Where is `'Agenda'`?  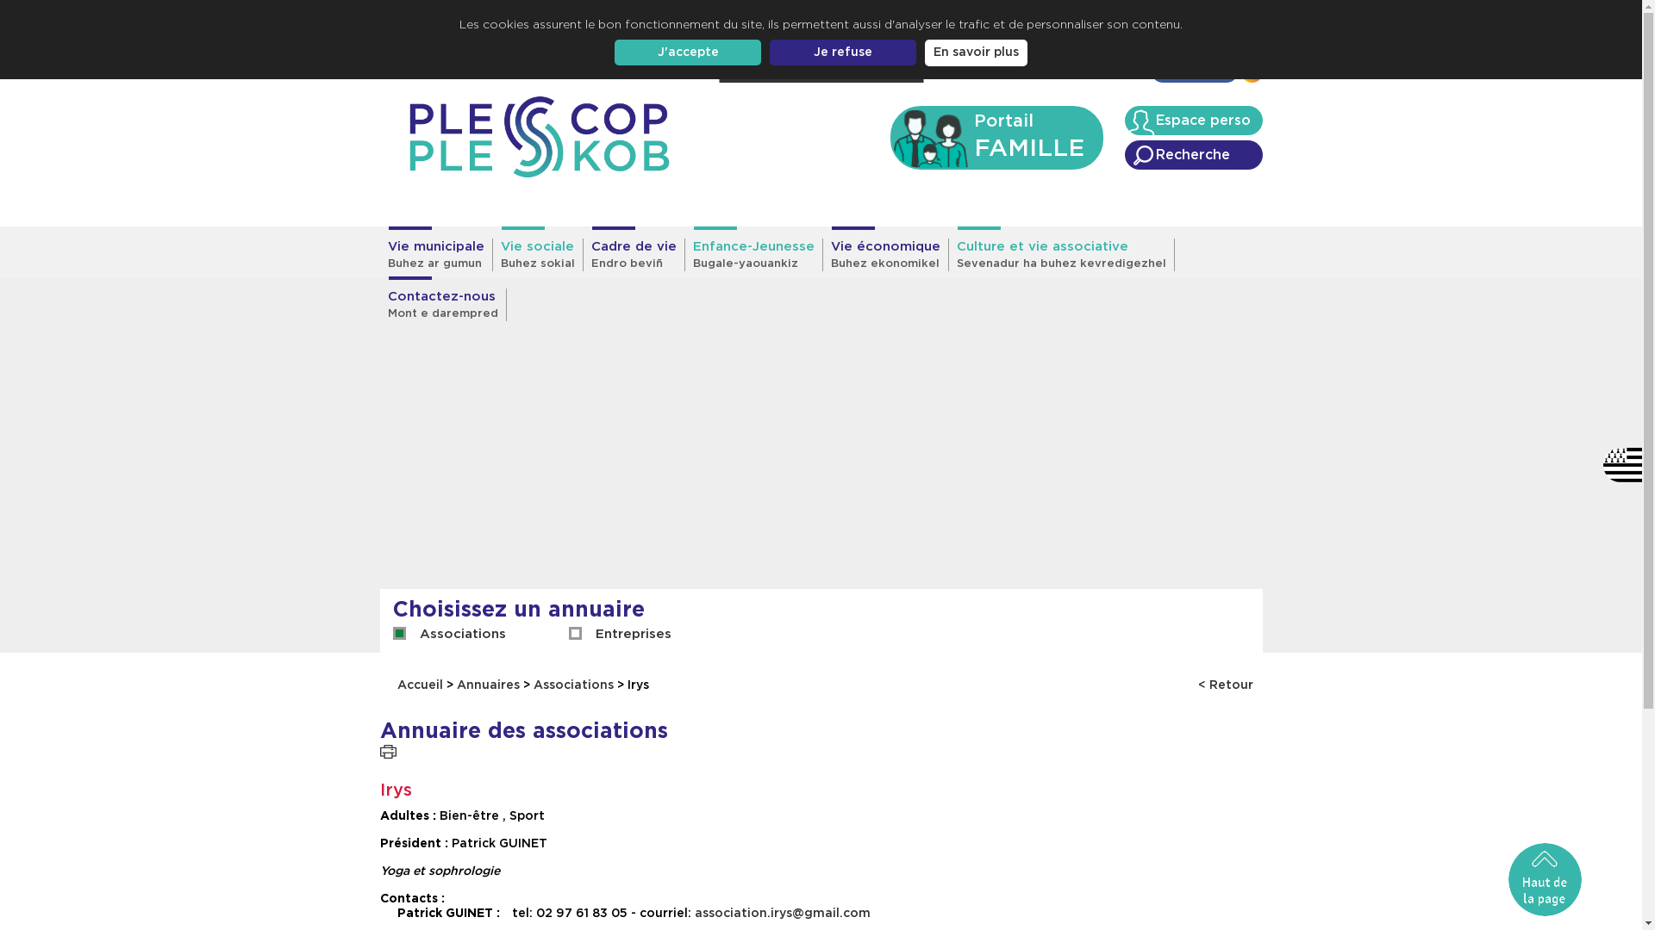 'Agenda' is located at coordinates (1114, 71).